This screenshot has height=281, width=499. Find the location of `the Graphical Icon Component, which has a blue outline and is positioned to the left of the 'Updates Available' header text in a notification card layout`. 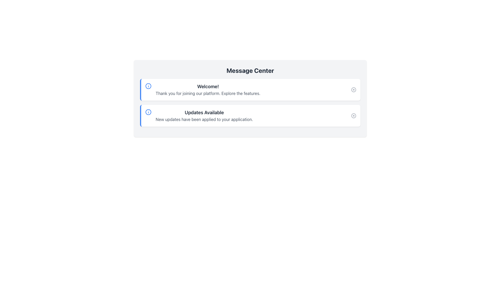

the Graphical Icon Component, which has a blue outline and is positioned to the left of the 'Updates Available' header text in a notification card layout is located at coordinates (148, 112).